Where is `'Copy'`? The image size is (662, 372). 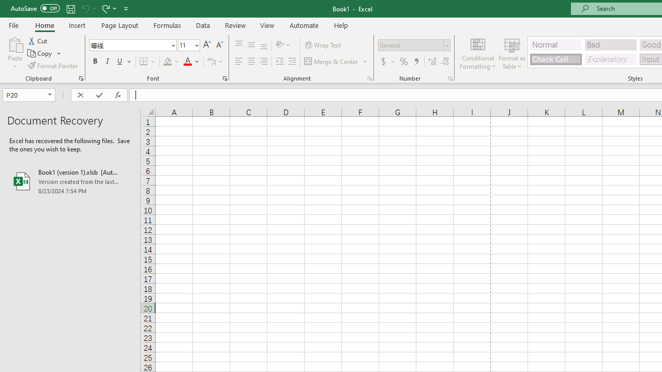
'Copy' is located at coordinates (44, 53).